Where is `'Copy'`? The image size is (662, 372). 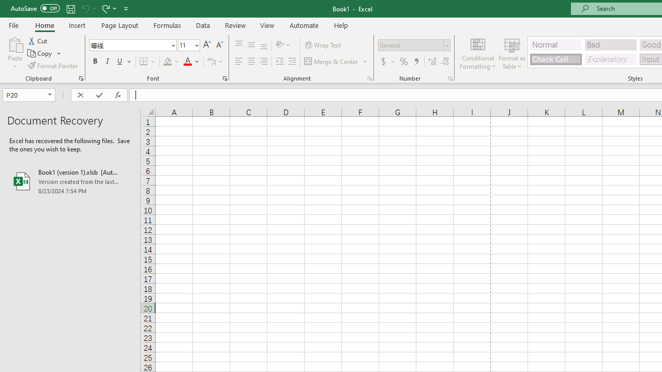
'Copy' is located at coordinates (44, 53).